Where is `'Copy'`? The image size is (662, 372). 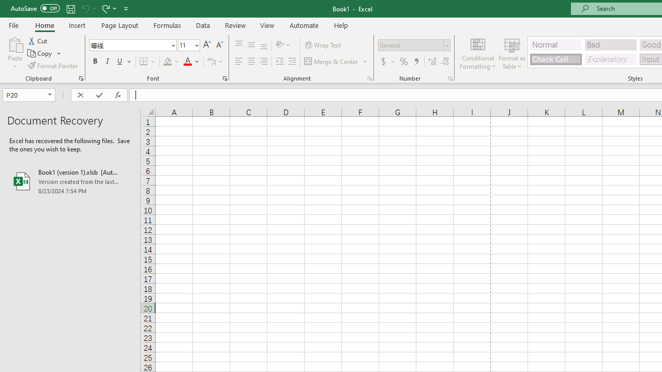
'Copy' is located at coordinates (44, 53).